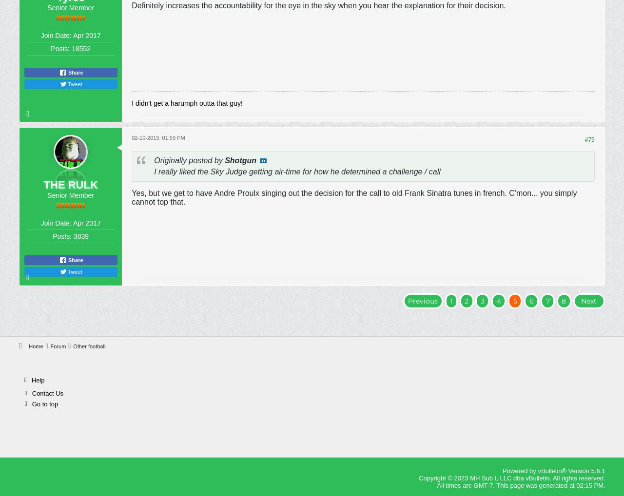 This screenshot has height=496, width=624. Describe the element at coordinates (187, 102) in the screenshot. I see `'I didn't get a harumph outta that guy!'` at that location.